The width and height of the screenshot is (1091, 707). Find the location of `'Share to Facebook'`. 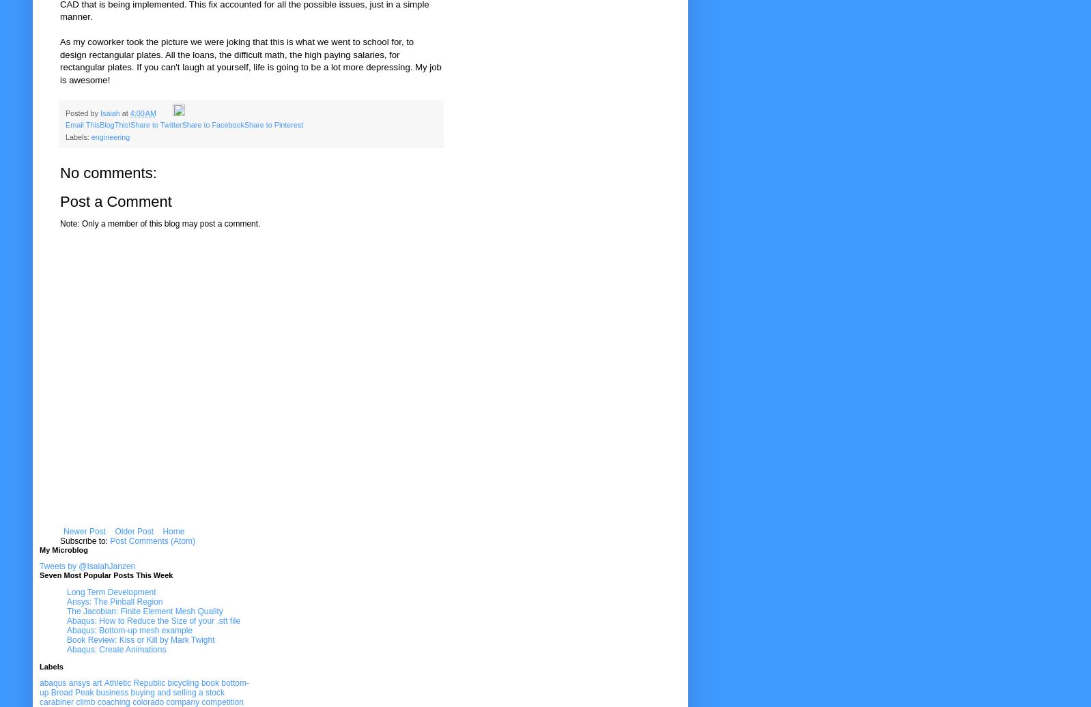

'Share to Facebook' is located at coordinates (212, 124).